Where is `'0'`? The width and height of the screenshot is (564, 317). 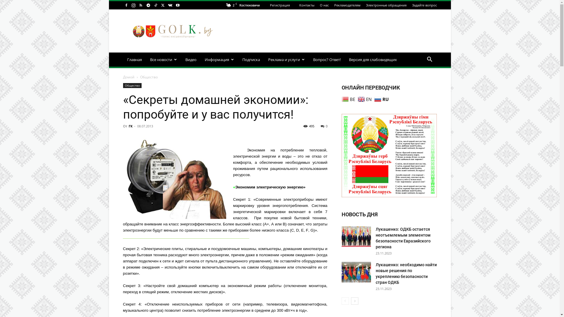
'0' is located at coordinates (324, 126).